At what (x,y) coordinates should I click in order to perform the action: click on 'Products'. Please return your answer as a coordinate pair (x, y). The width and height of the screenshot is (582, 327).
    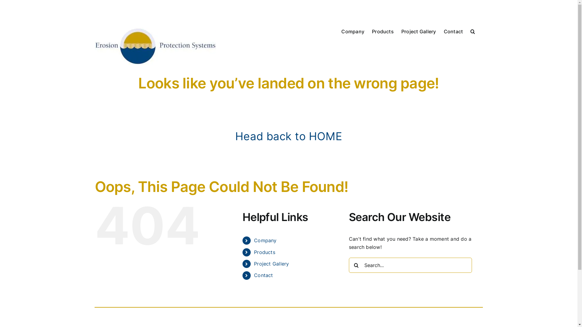
    Looking at the image, I should click on (265, 252).